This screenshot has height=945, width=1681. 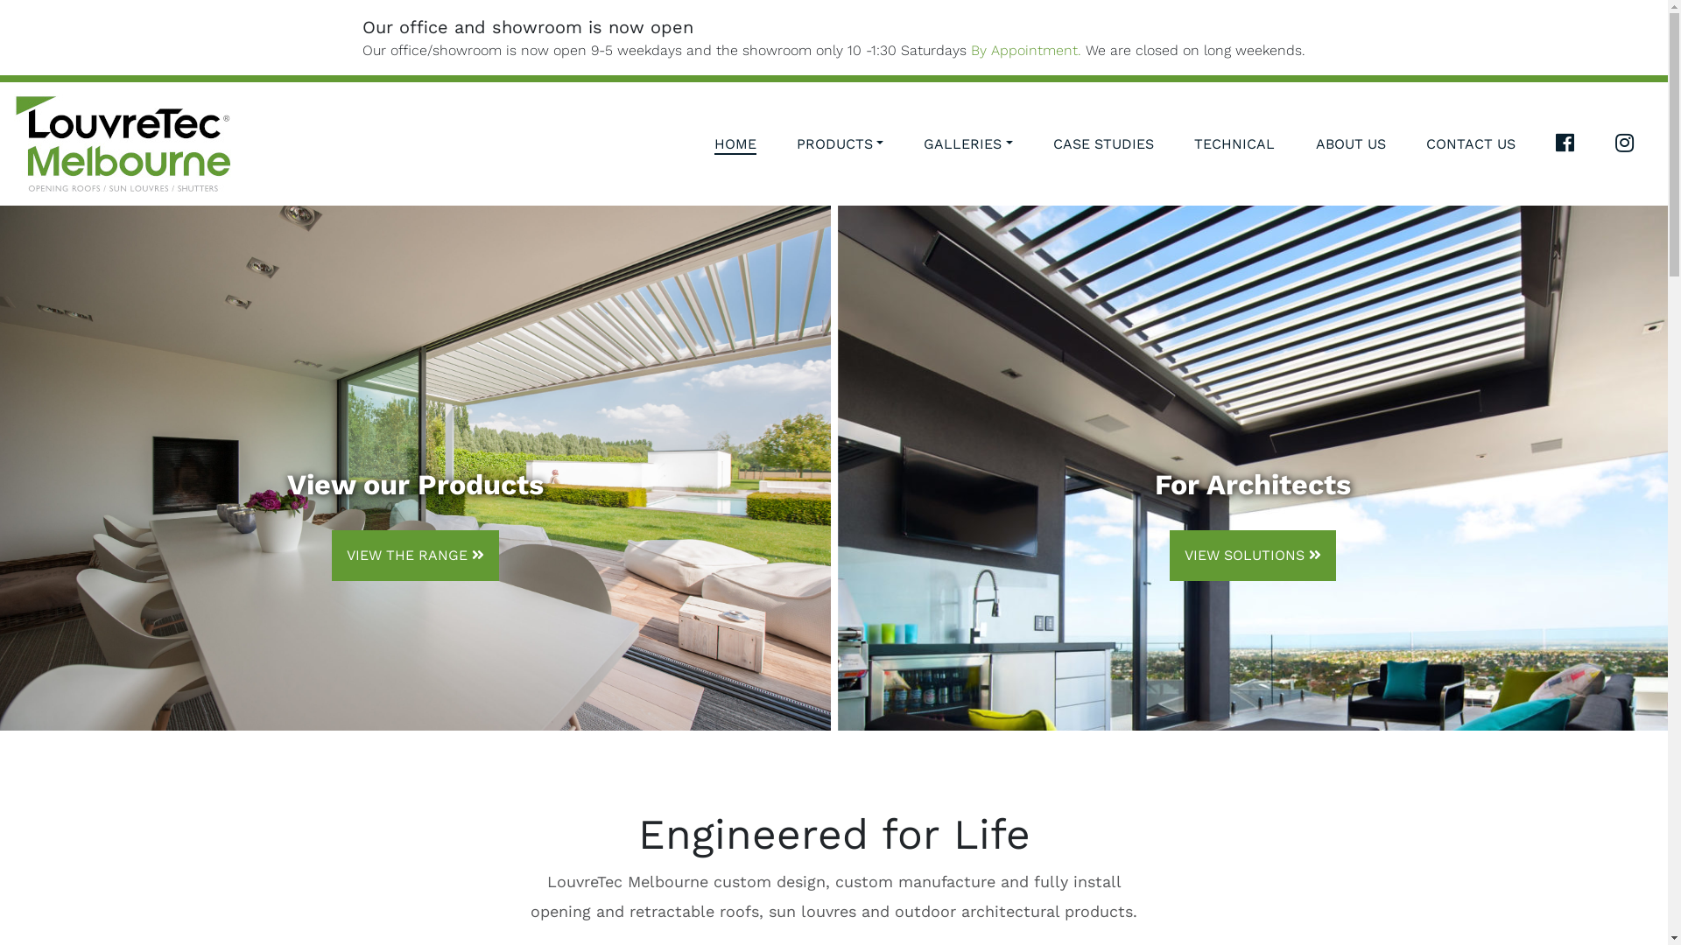 What do you see at coordinates (1025, 49) in the screenshot?
I see `'By Appointment.'` at bounding box center [1025, 49].